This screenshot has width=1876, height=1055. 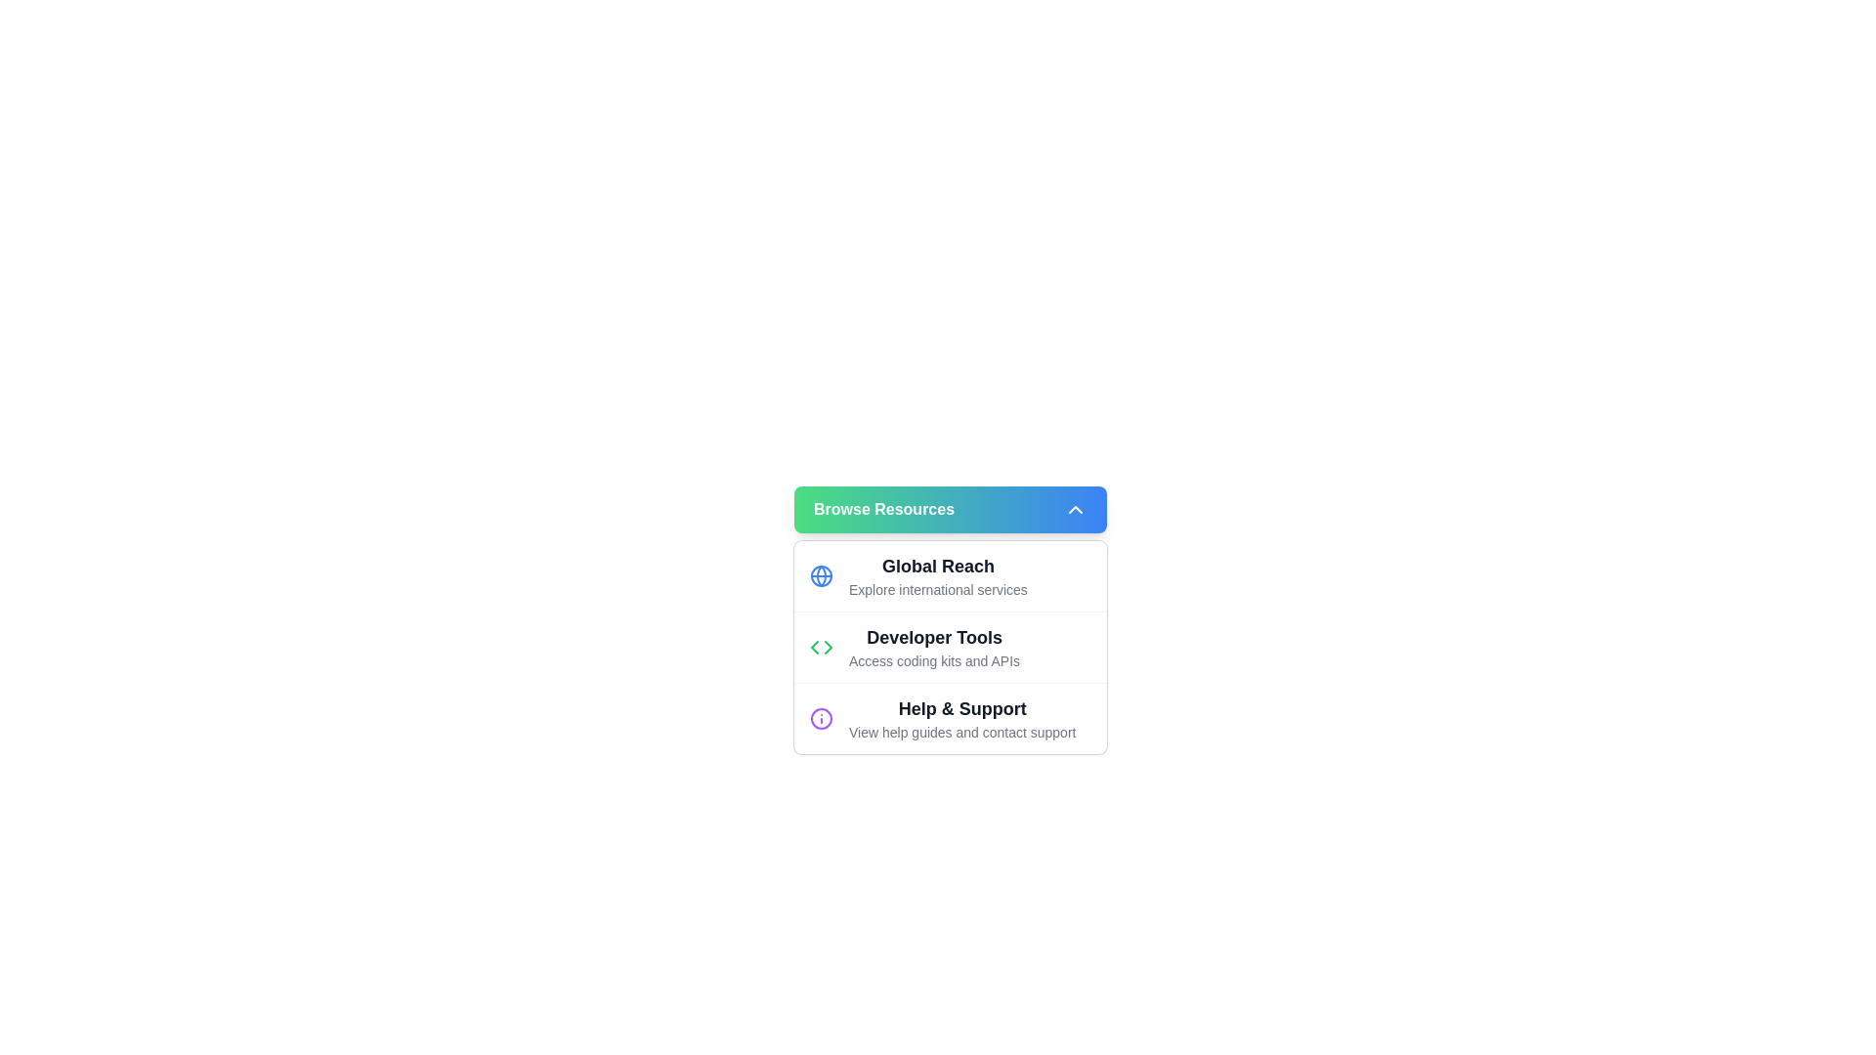 I want to click on the 'Help & Support' list item in the 'Browse Resources' dropdown menu by tapping on it, so click(x=951, y=718).